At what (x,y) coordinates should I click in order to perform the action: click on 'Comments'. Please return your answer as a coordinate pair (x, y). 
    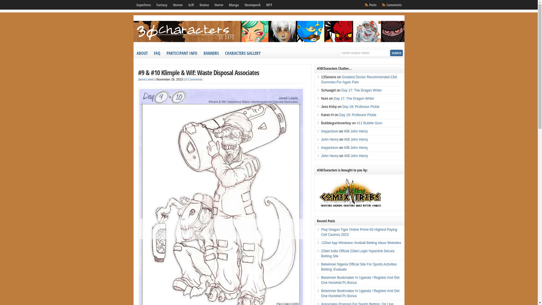
    Looking at the image, I should click on (383, 5).